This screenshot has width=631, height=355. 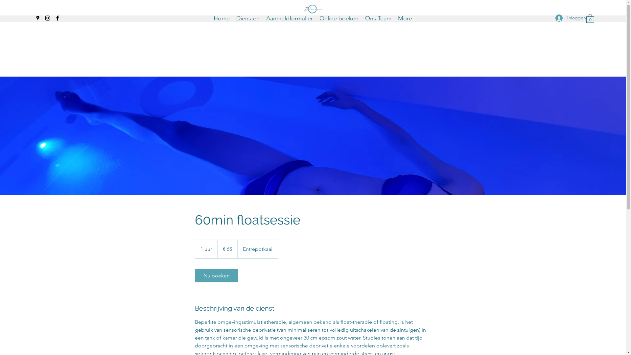 What do you see at coordinates (222, 17) in the screenshot?
I see `'Home'` at bounding box center [222, 17].